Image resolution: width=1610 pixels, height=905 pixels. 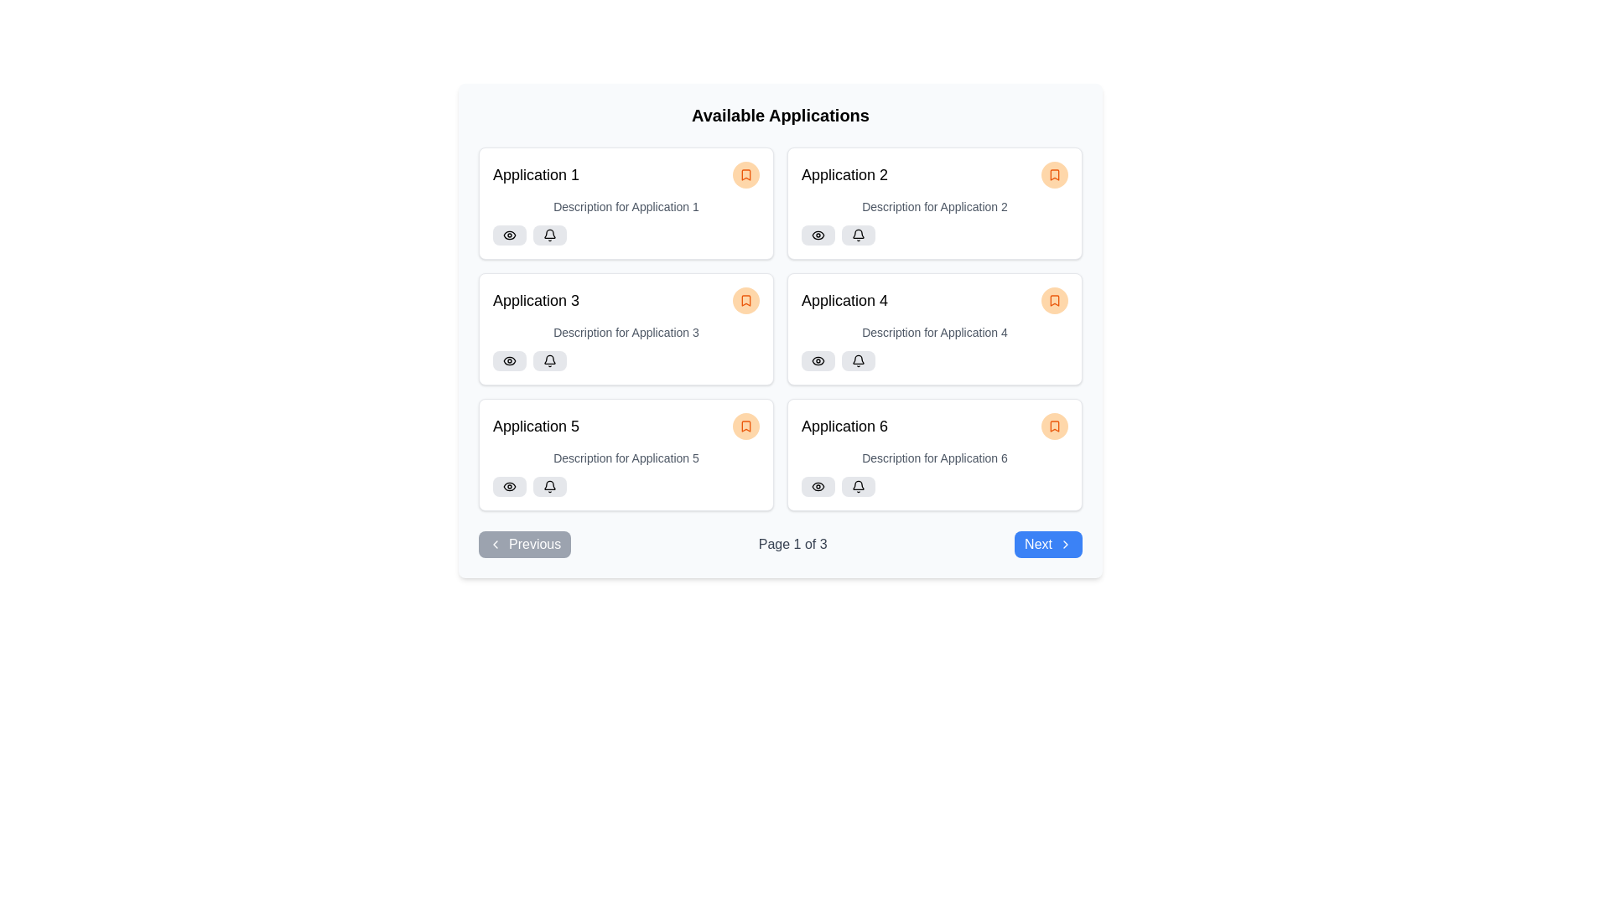 I want to click on the notification icon located at the bottom center of the 'Application 3' card, so click(x=550, y=235).